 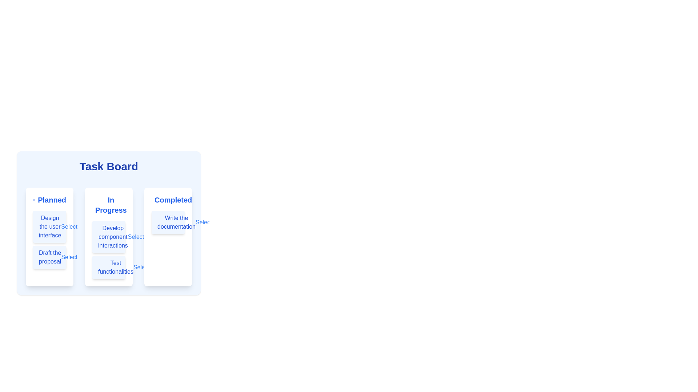 I want to click on the inner elements of the 'In Progress' category card located in the task board interface, which is the second card from the left, so click(x=108, y=222).